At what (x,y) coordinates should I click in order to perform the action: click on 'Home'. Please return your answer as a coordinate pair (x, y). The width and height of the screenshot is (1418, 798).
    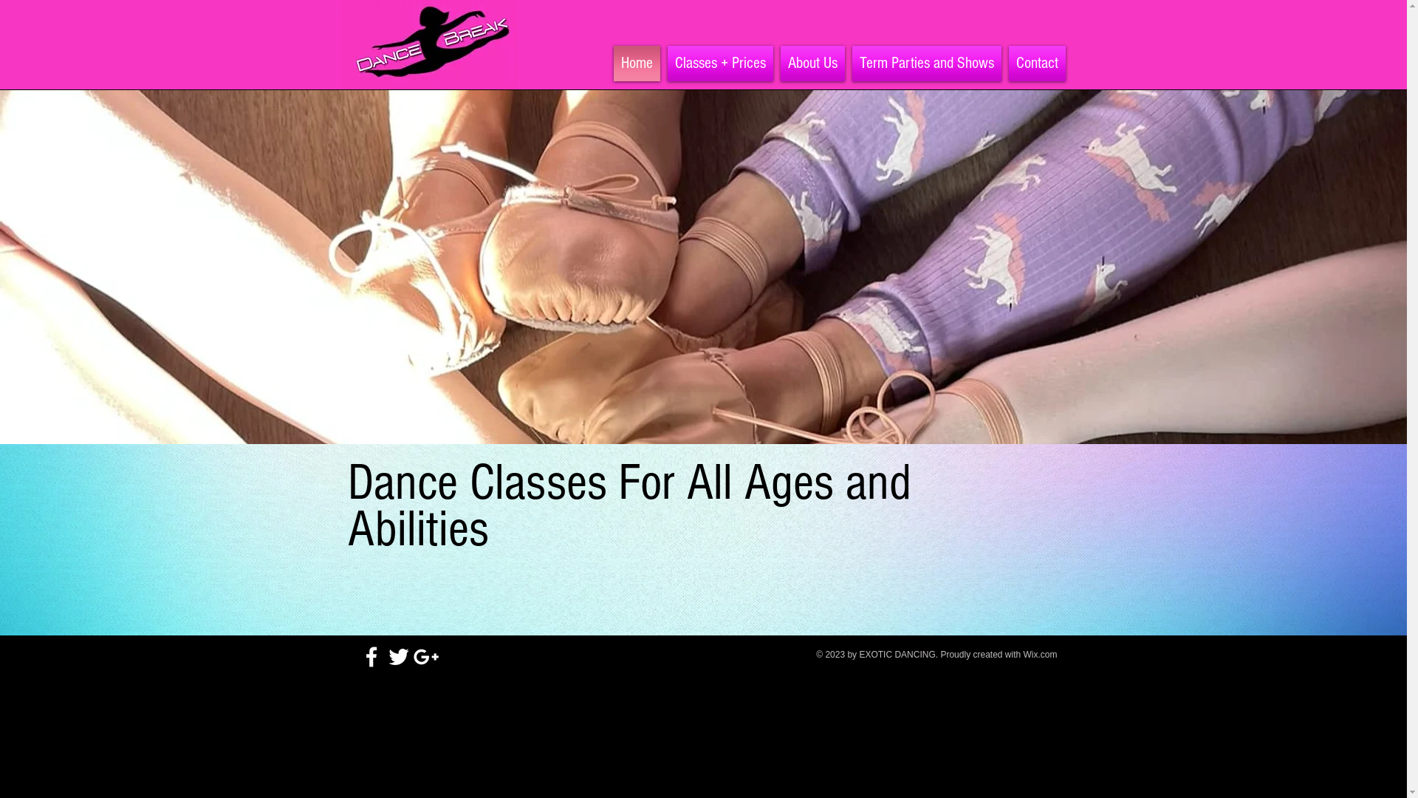
    Looking at the image, I should click on (637, 62).